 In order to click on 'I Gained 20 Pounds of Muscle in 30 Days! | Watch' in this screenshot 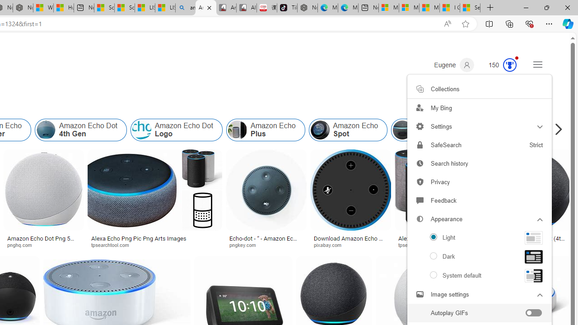, I will do `click(449, 8)`.